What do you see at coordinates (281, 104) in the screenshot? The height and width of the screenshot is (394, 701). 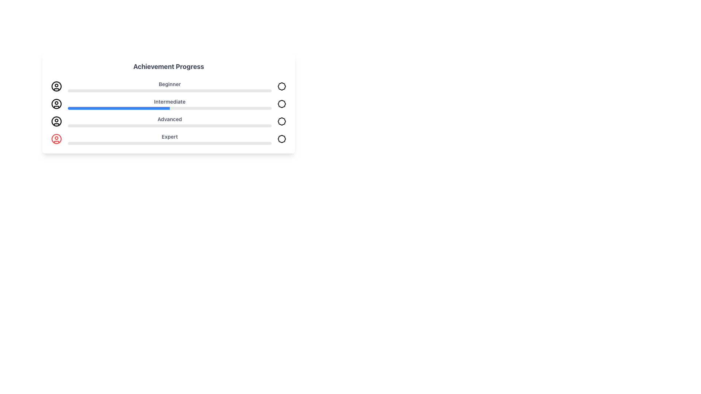 I see `the Icon/Indicator that represents the intermediate completion level, located on the right of the 'Intermediate' row in the progress display` at bounding box center [281, 104].